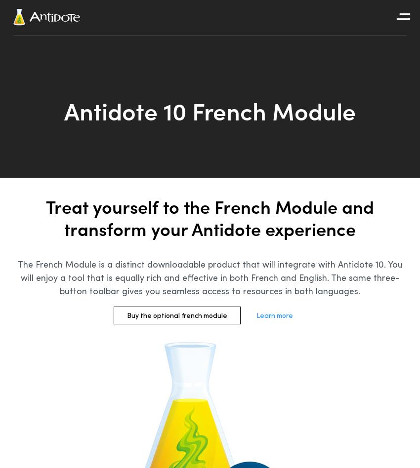 The image size is (420, 468). I want to click on 'Batch correction of identical cases', so click(31, 43).